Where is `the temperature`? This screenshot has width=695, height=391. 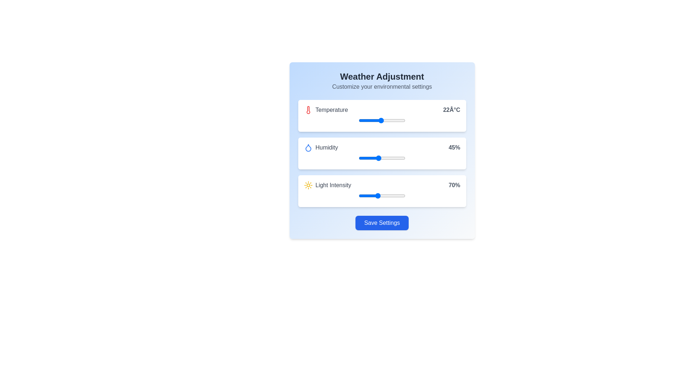
the temperature is located at coordinates (374, 120).